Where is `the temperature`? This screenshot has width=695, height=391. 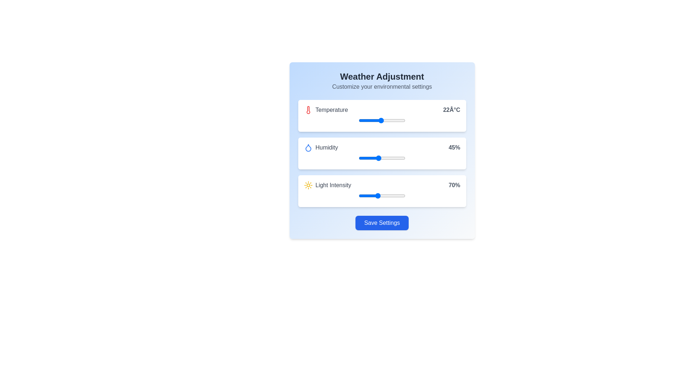
the temperature is located at coordinates (374, 120).